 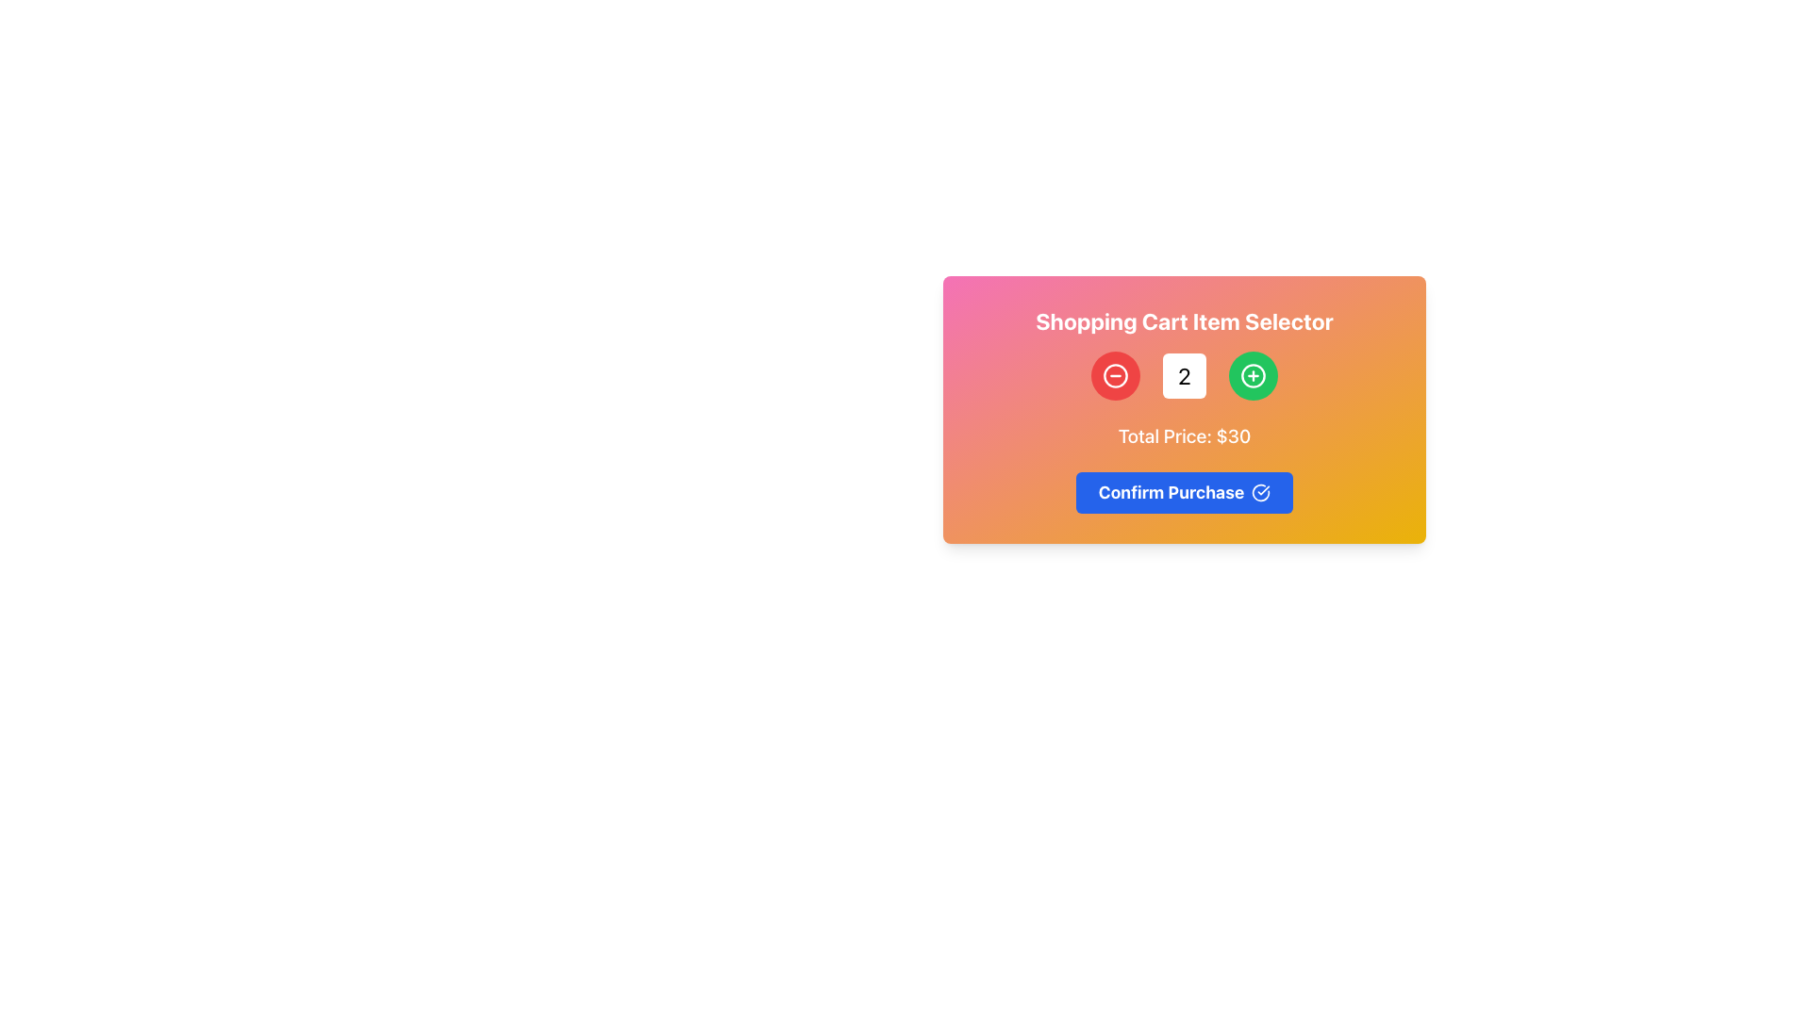 What do you see at coordinates (1116, 375) in the screenshot?
I see `the button used to decrease the quantity displayed in the adjacent white box` at bounding box center [1116, 375].